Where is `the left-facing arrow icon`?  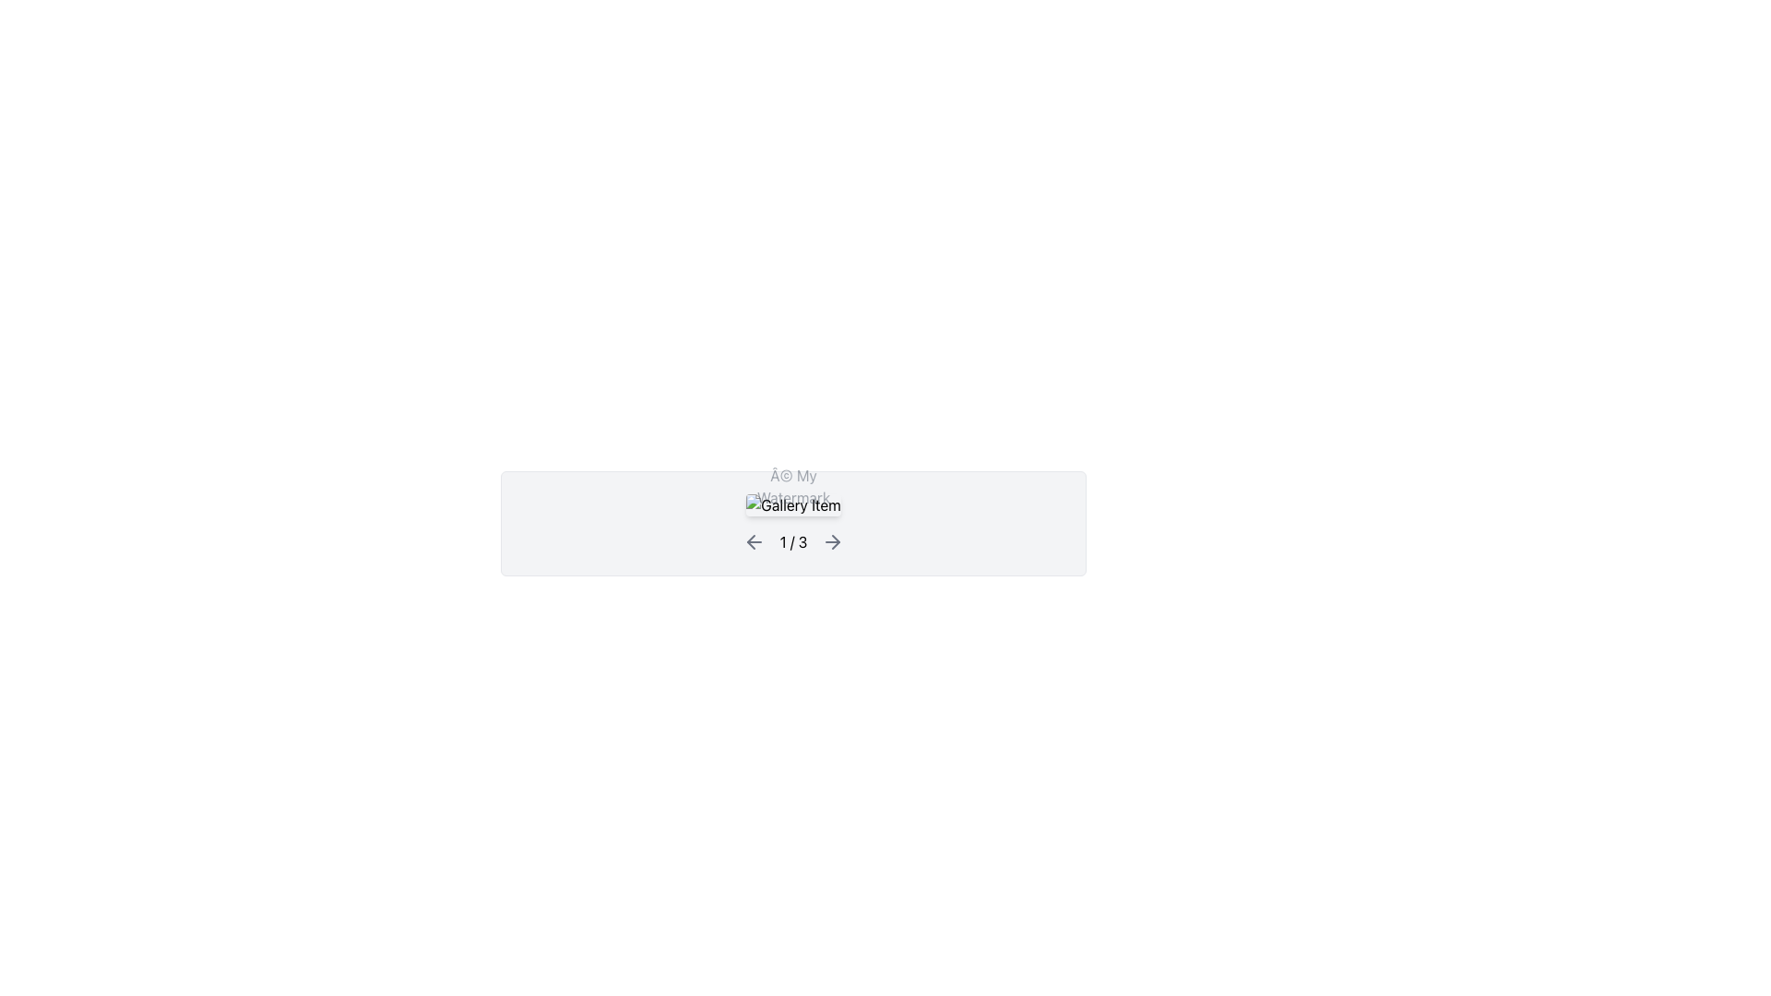
the left-facing arrow icon is located at coordinates (751, 540).